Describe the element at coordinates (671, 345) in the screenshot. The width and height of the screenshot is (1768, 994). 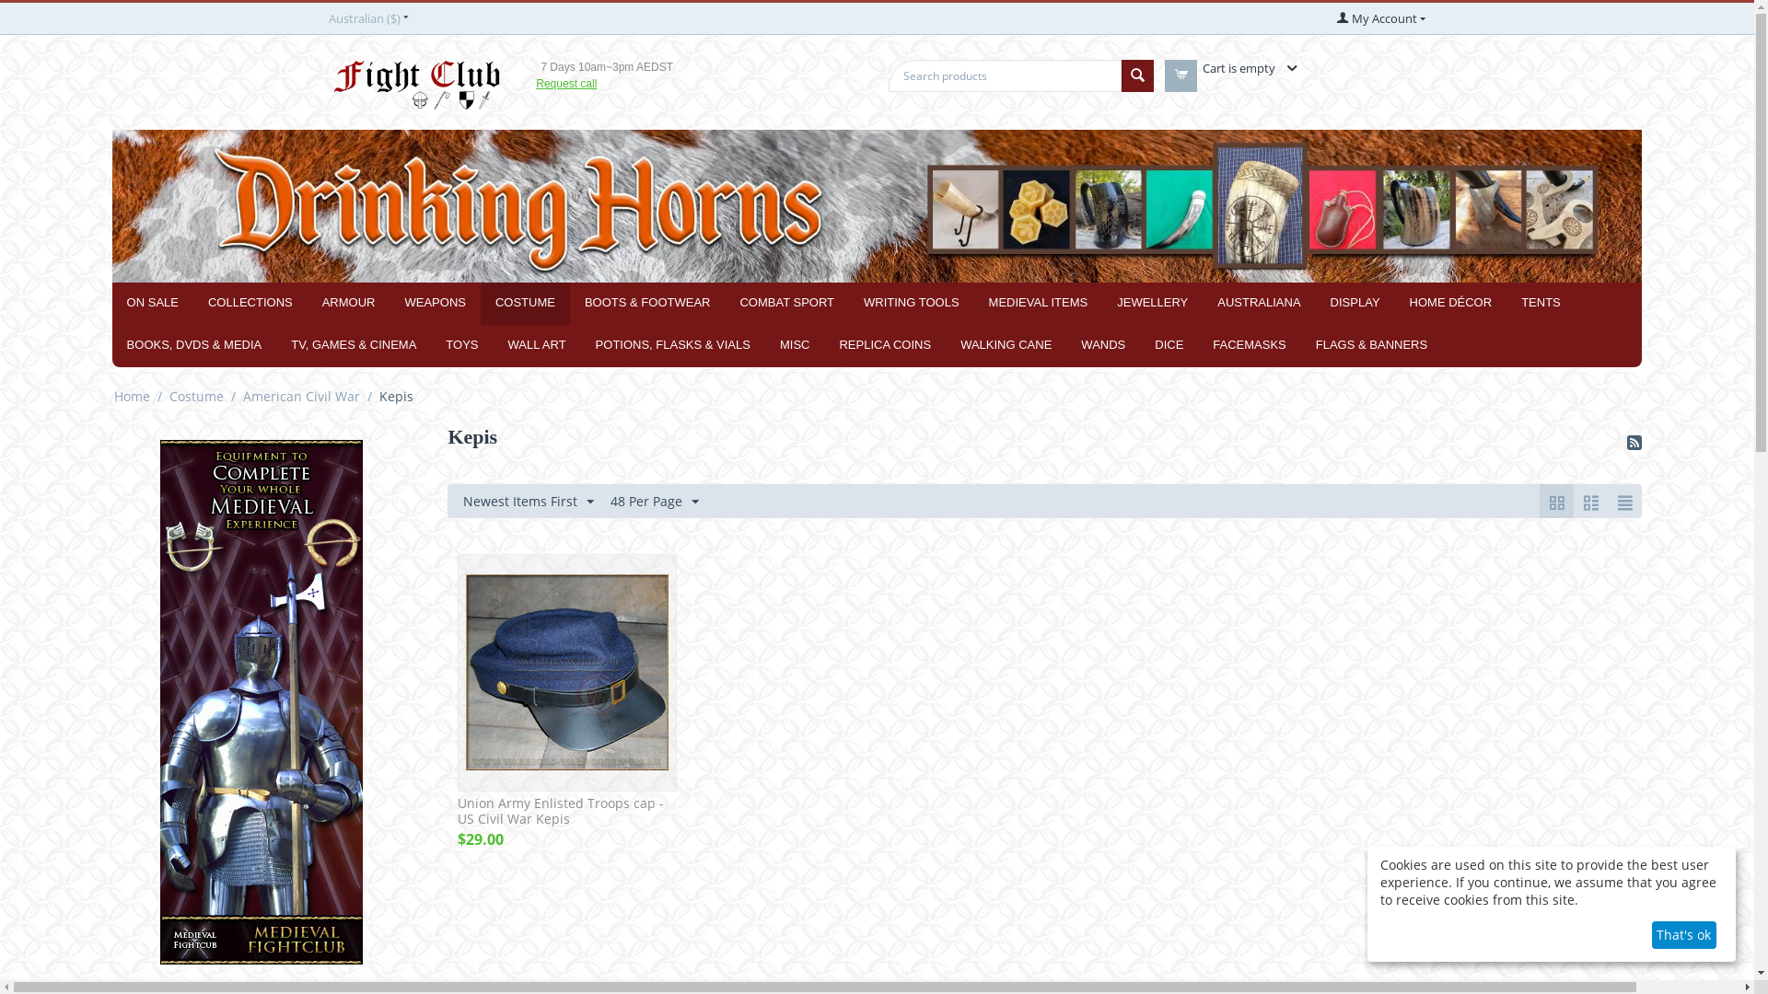
I see `'POTIONS, FLASKS & VIALS'` at that location.